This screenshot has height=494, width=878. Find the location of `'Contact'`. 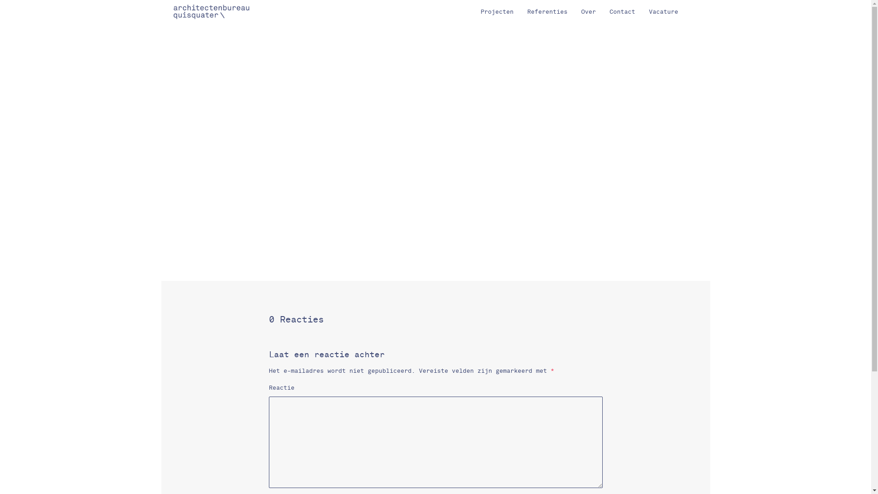

'Contact' is located at coordinates (622, 12).